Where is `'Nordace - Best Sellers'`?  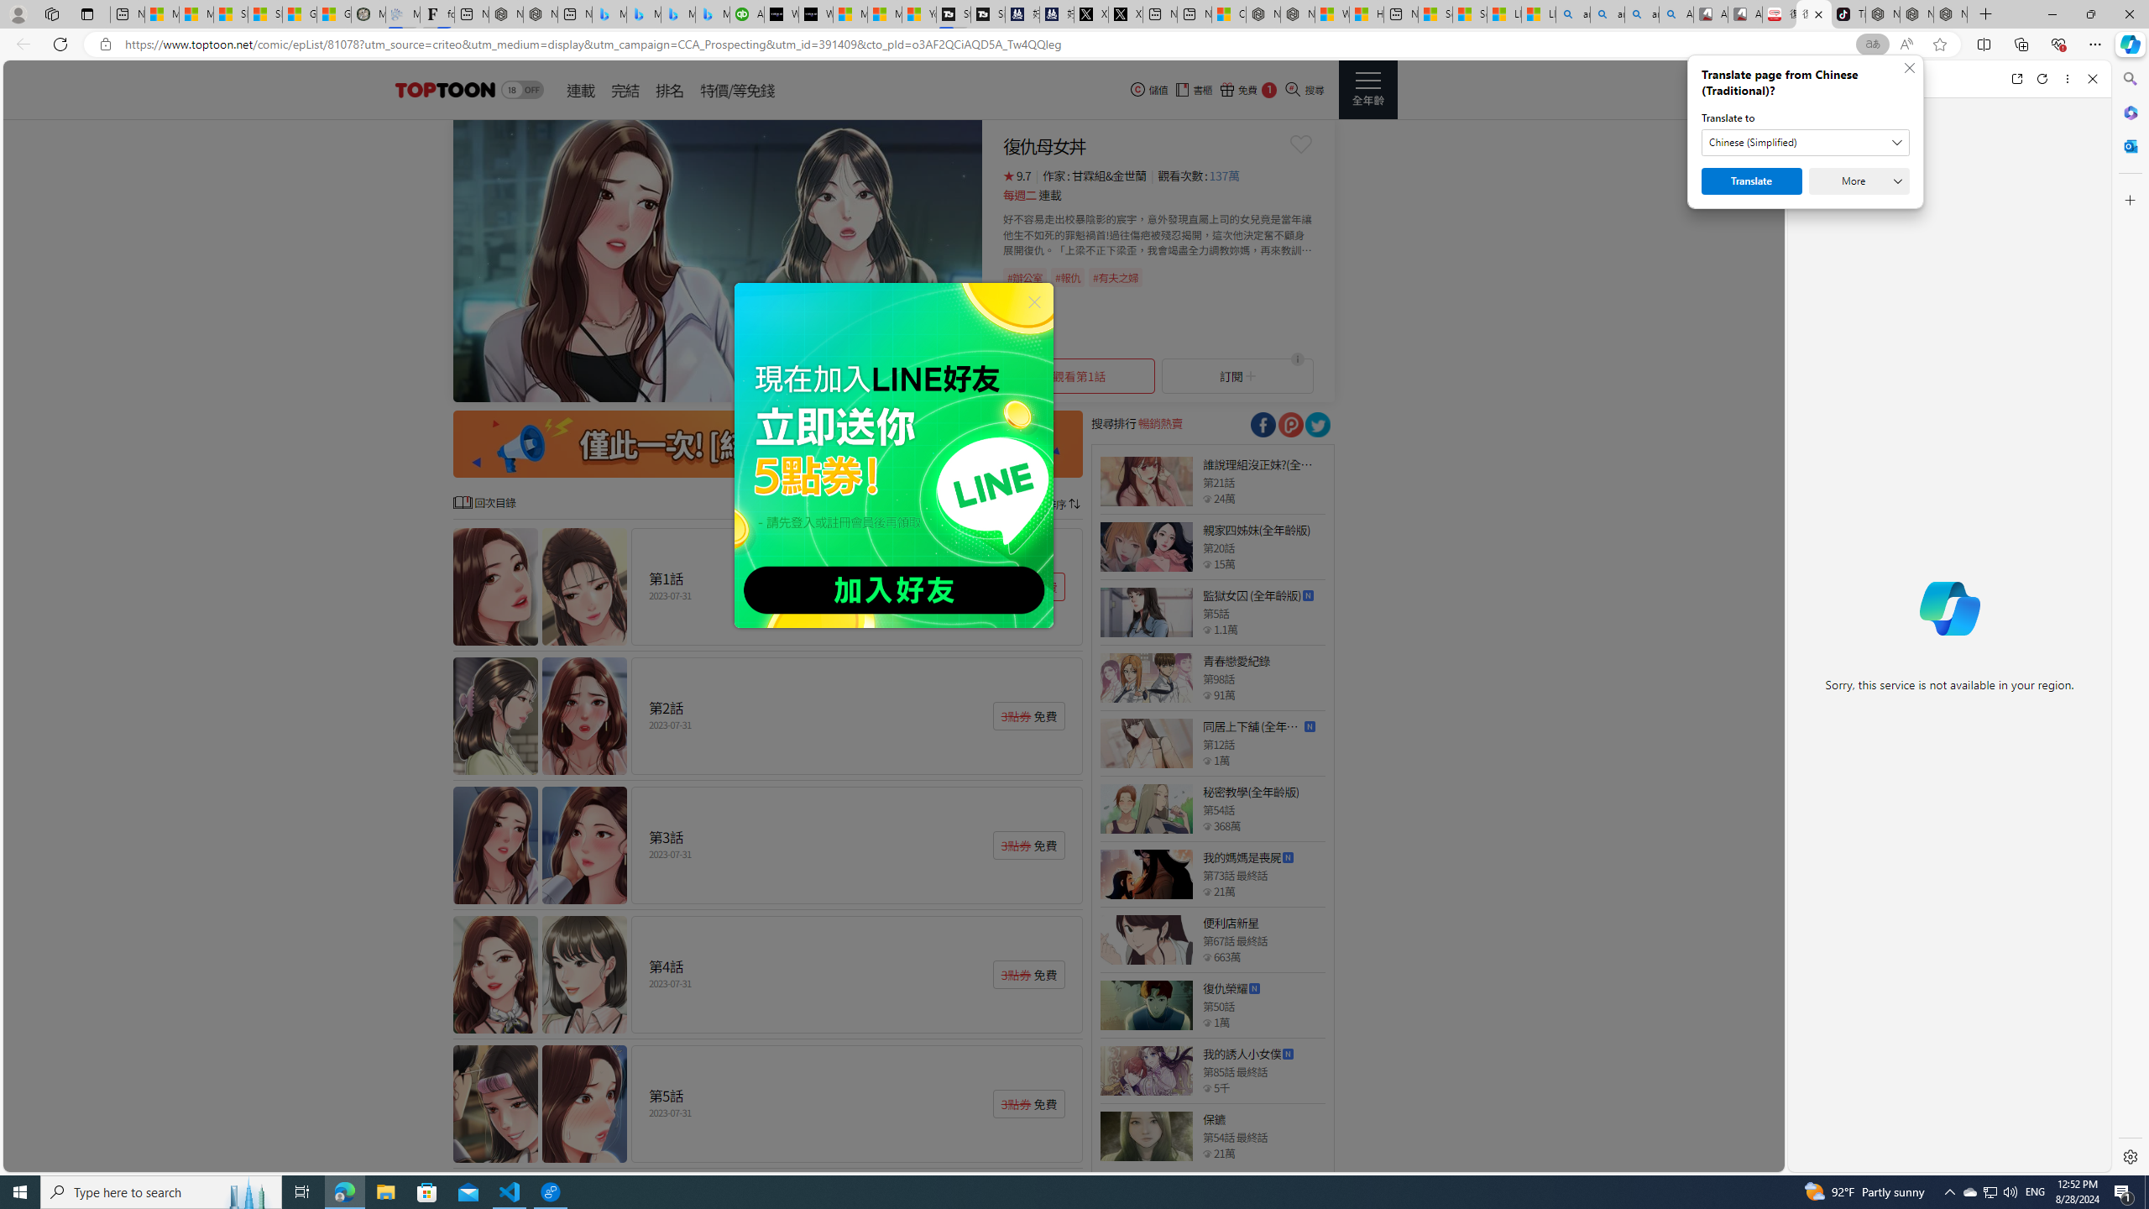 'Nordace - Best Sellers' is located at coordinates (1882, 13).